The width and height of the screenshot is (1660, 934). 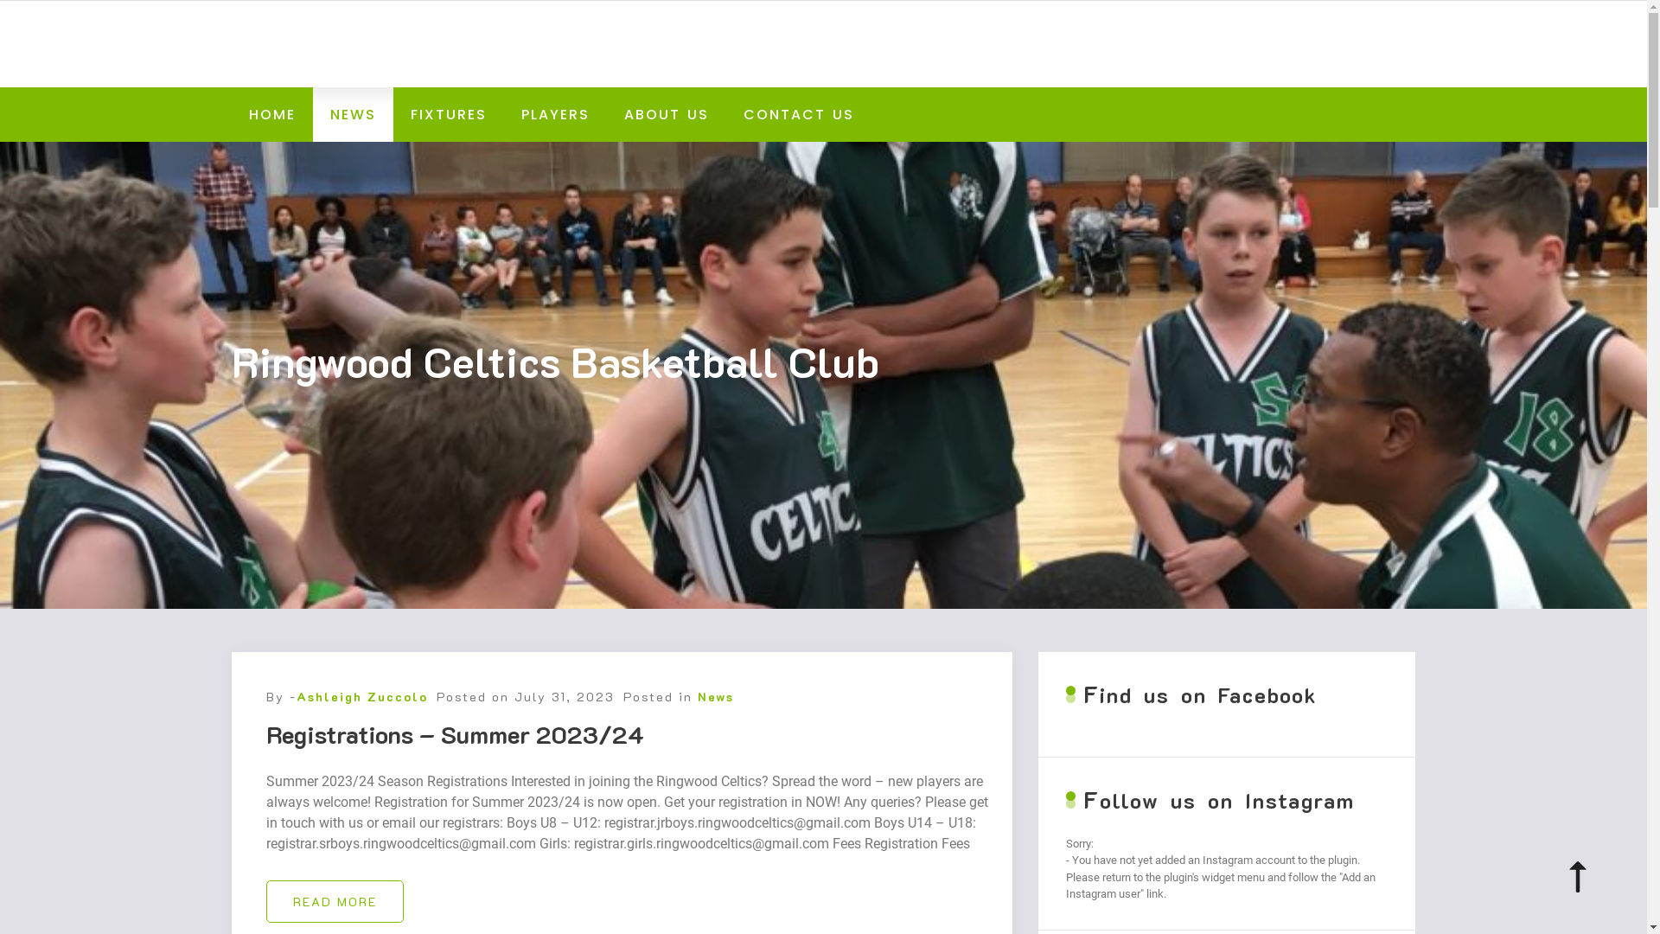 What do you see at coordinates (554, 114) in the screenshot?
I see `'PLAYERS'` at bounding box center [554, 114].